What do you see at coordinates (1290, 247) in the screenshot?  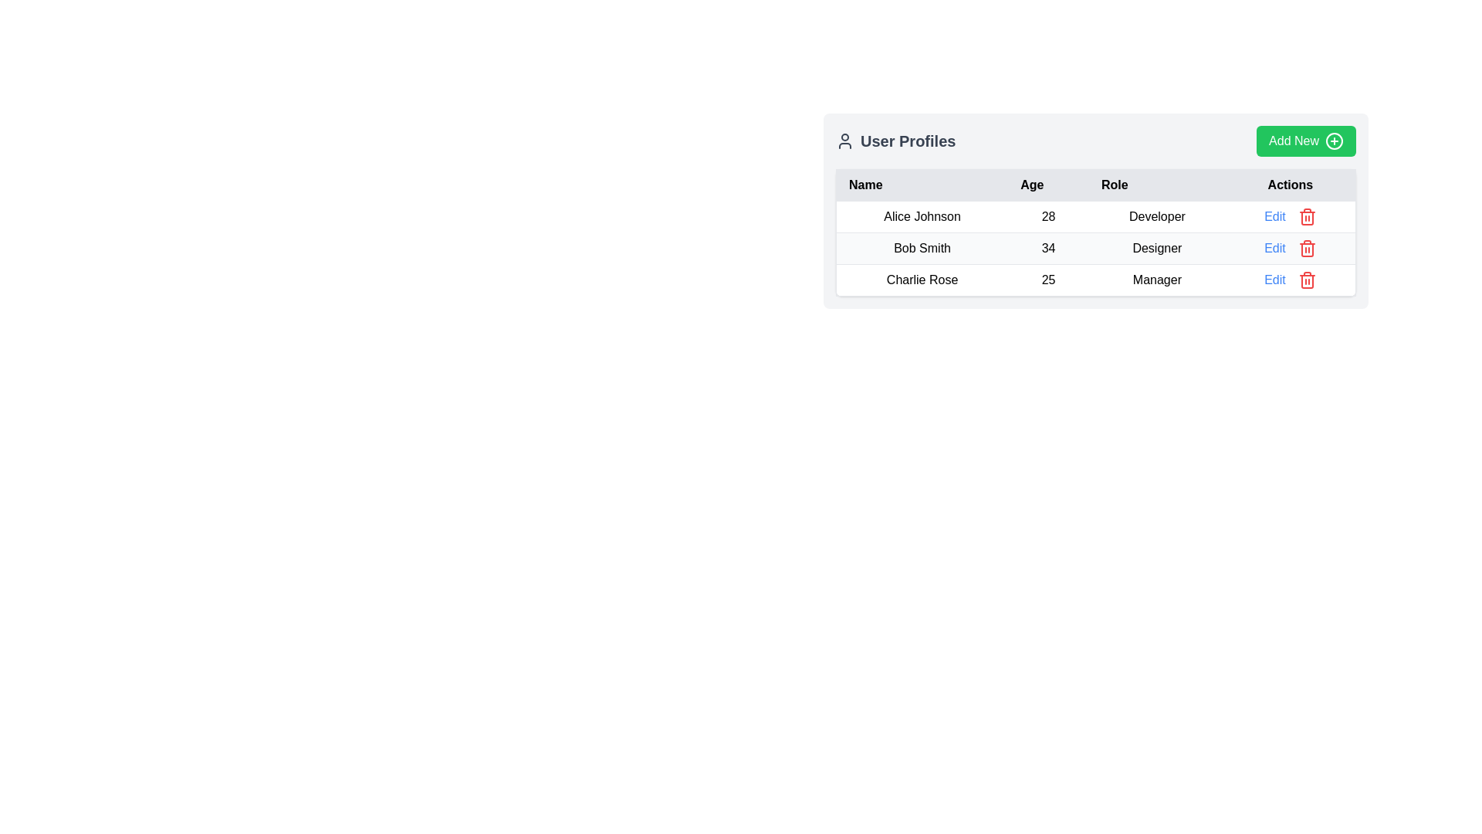 I see `the 'Edit' button located in the 'Actions' column for user 'Bob Smith' in the table` at bounding box center [1290, 247].